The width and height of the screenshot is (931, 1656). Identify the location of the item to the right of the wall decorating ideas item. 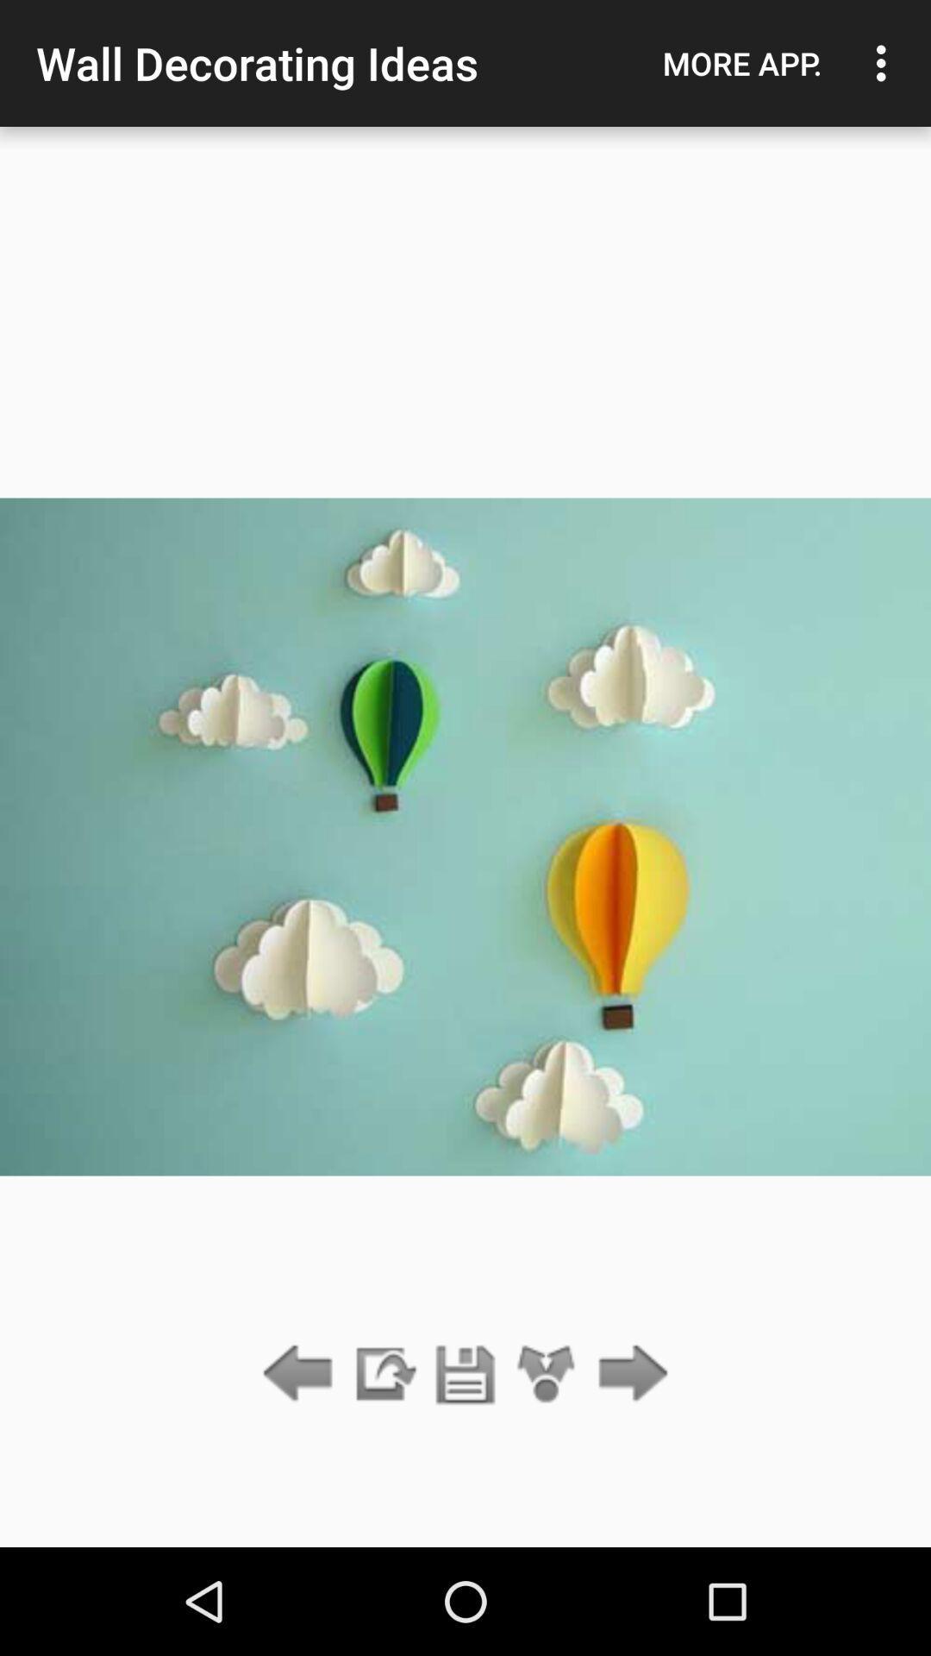
(741, 63).